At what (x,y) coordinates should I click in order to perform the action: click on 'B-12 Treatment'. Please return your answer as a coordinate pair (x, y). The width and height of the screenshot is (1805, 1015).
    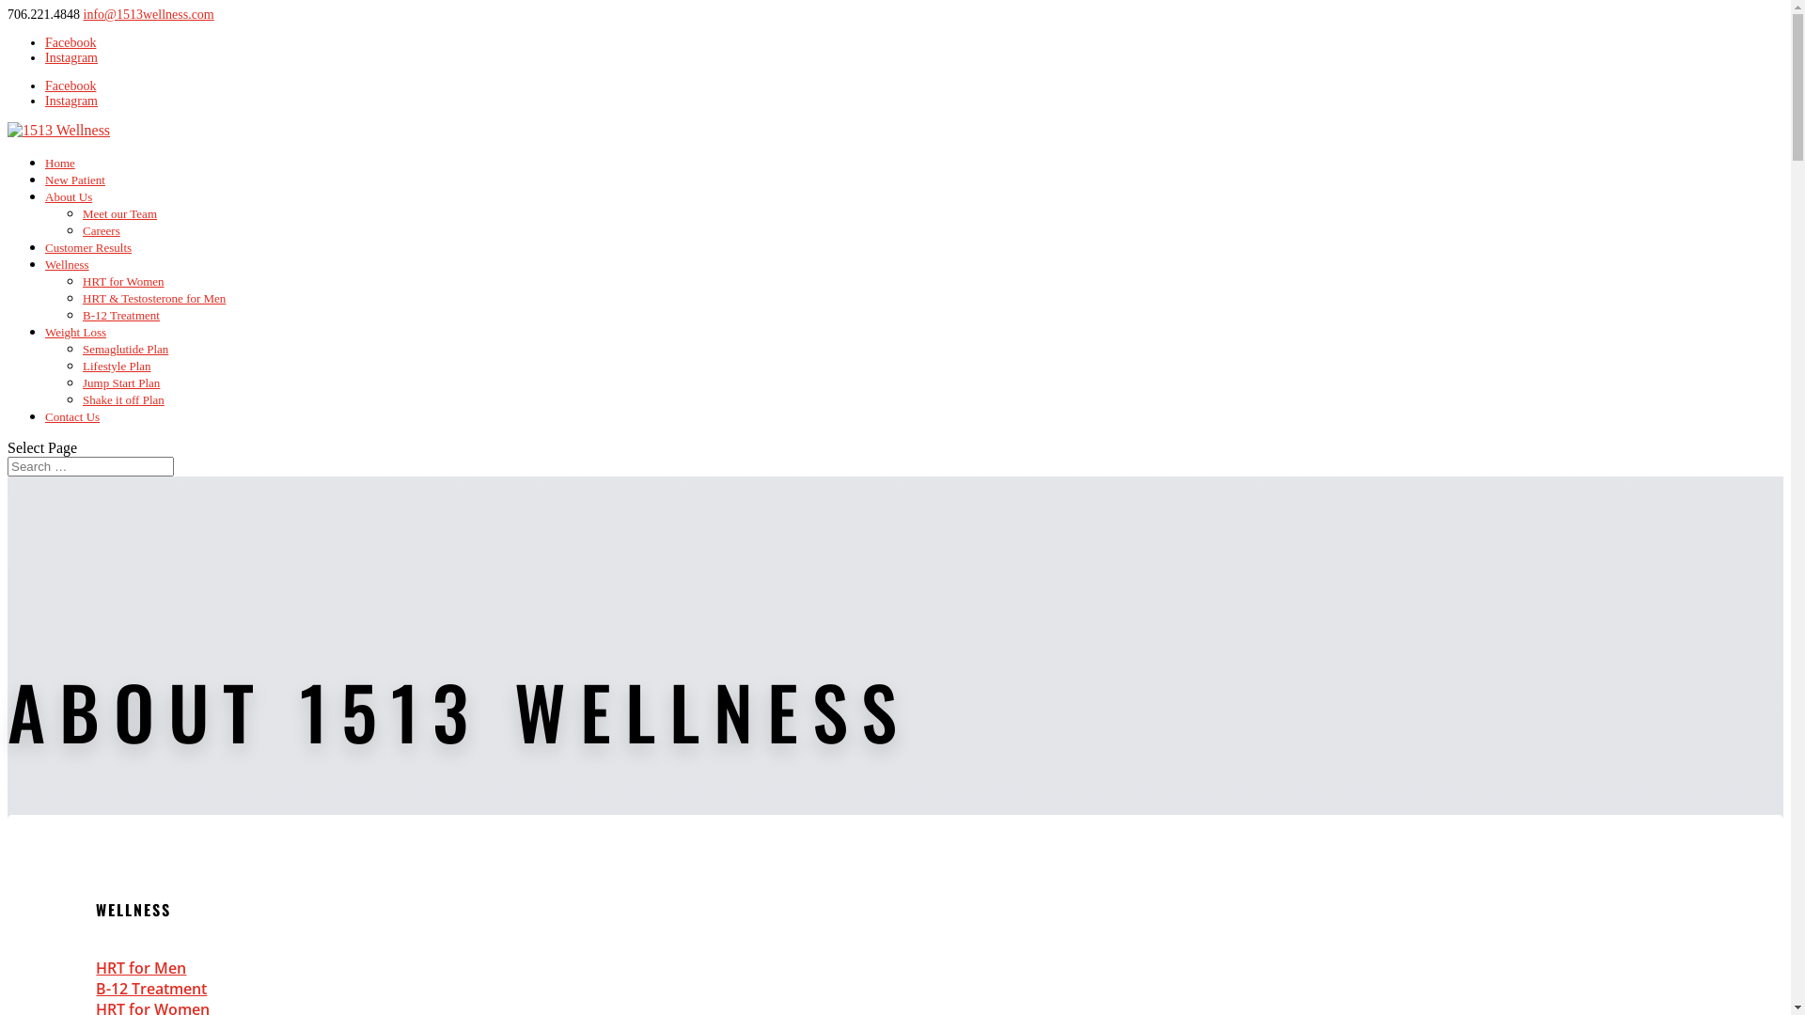
    Looking at the image, I should click on (151, 988).